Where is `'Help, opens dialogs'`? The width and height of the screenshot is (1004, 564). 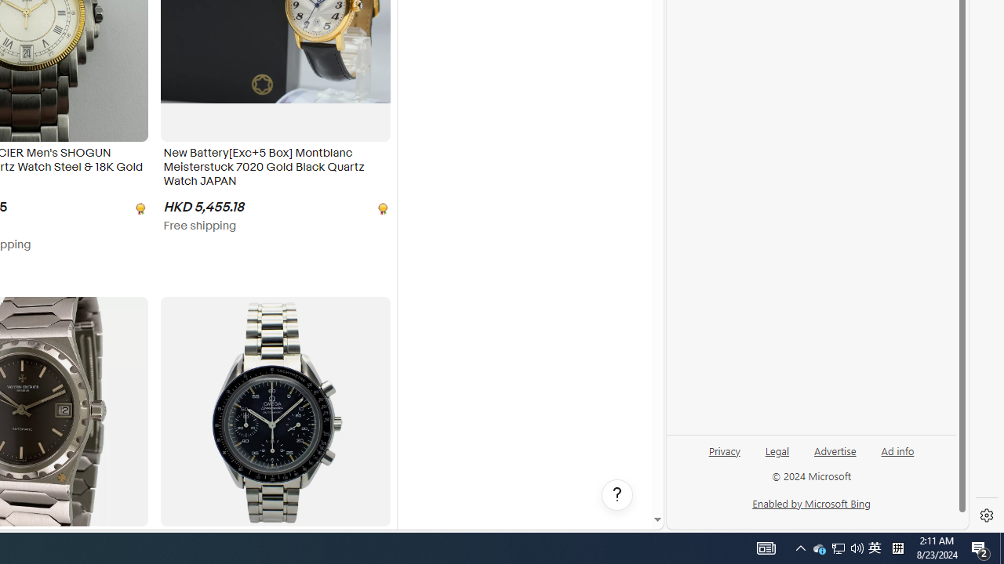
'Help, opens dialogs' is located at coordinates (617, 495).